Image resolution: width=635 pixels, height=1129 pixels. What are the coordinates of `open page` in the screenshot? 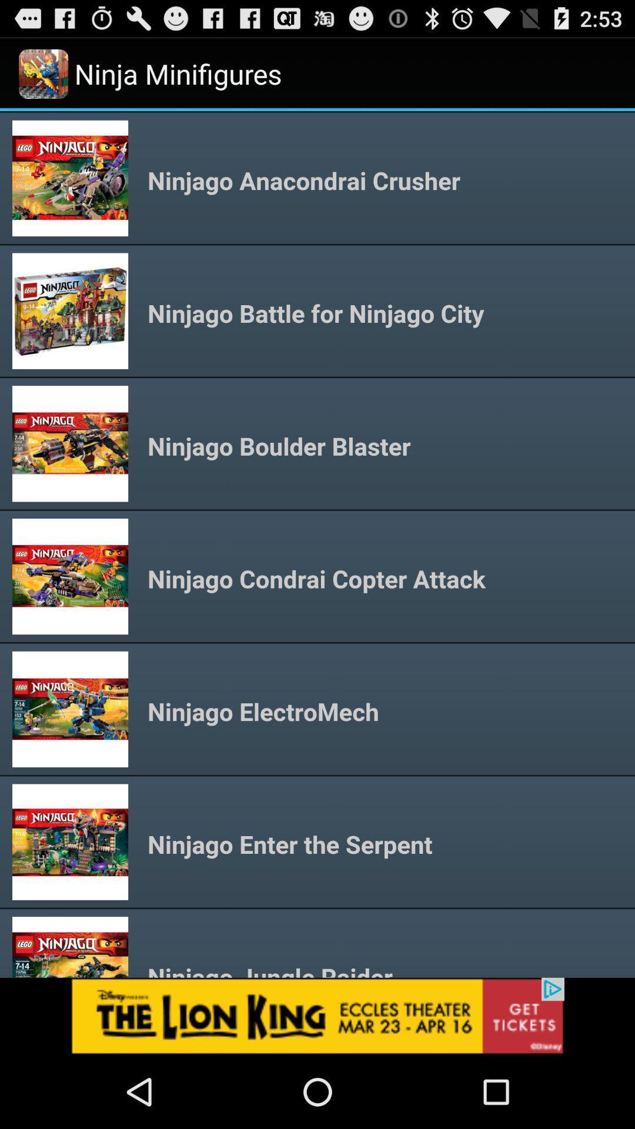 It's located at (317, 1016).